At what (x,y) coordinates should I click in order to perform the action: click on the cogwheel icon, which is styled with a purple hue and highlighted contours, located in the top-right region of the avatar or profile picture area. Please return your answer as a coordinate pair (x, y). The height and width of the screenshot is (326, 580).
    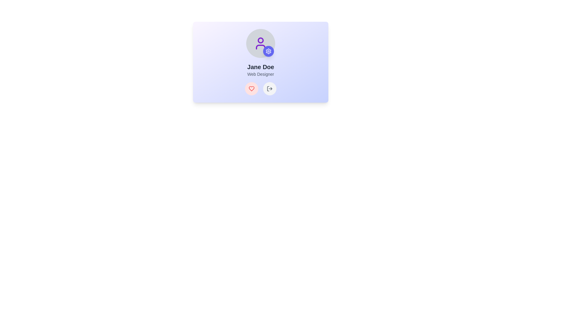
    Looking at the image, I should click on (268, 51).